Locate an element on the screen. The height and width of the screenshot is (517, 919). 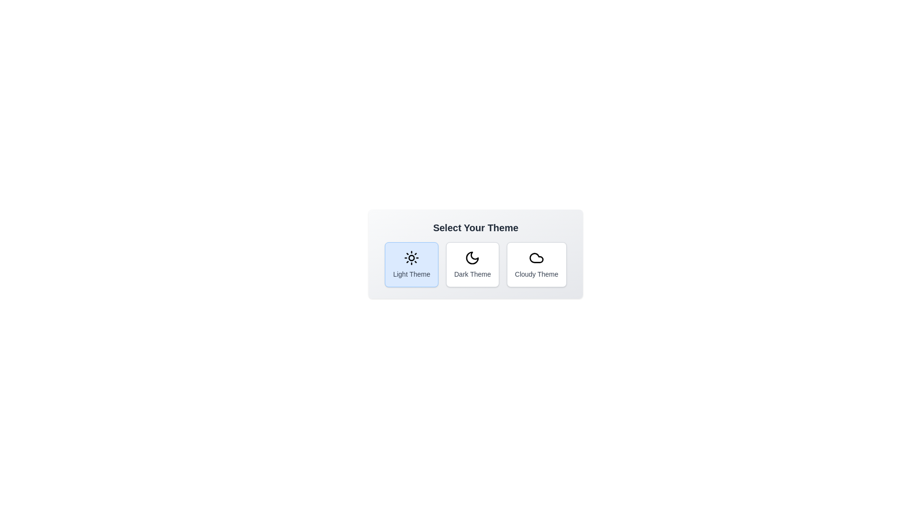
the 'Dark Theme' button, which is the middle button in a row of three, featuring a crescent moon icon and the text 'Dark Theme' is located at coordinates (475, 264).